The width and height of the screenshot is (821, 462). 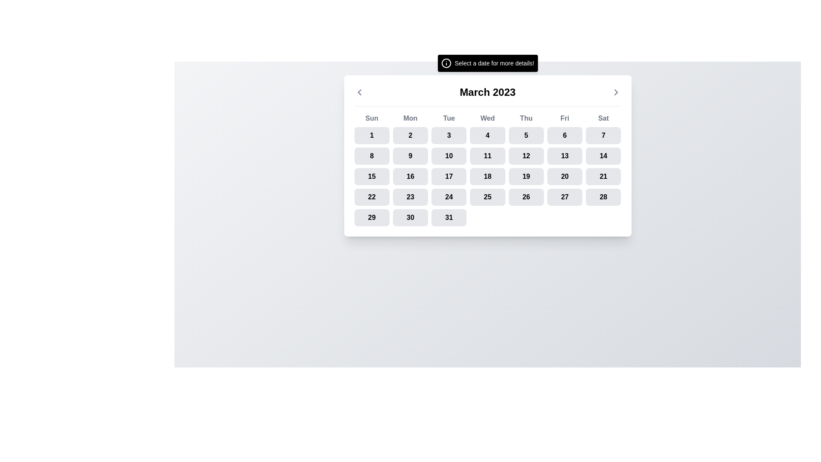 What do you see at coordinates (526, 156) in the screenshot?
I see `the square-shaped button labeled '12' with a light gray background and rounded corners to observe the hover effect` at bounding box center [526, 156].